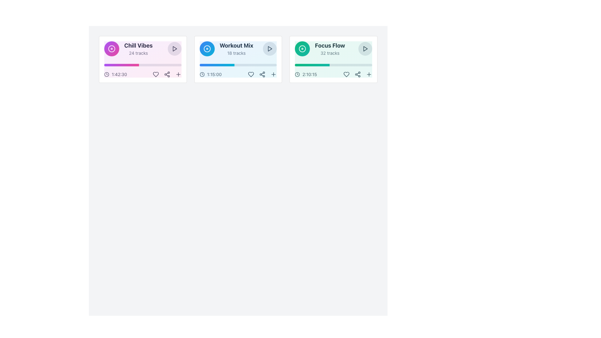 This screenshot has width=601, height=338. What do you see at coordinates (226, 48) in the screenshot?
I see `the informational text for the 'Workout Mix' playlist located in the upper left section of the second card in a horizontally arranged group of three cards` at bounding box center [226, 48].